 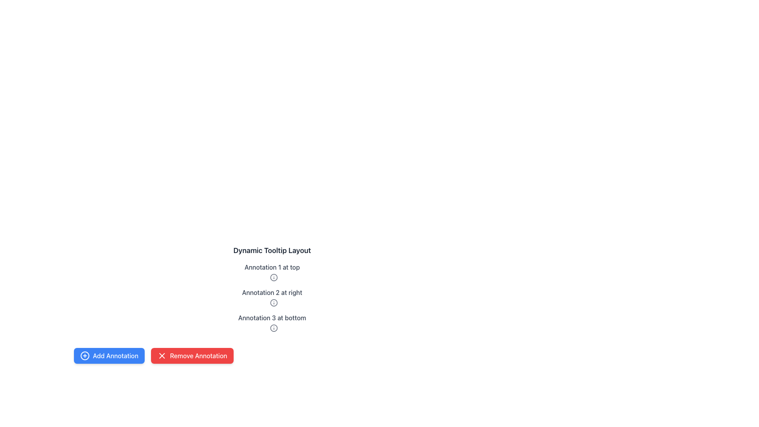 What do you see at coordinates (272, 323) in the screenshot?
I see `the information icon next to the annotation message 'Annotation 3 at bottom'` at bounding box center [272, 323].